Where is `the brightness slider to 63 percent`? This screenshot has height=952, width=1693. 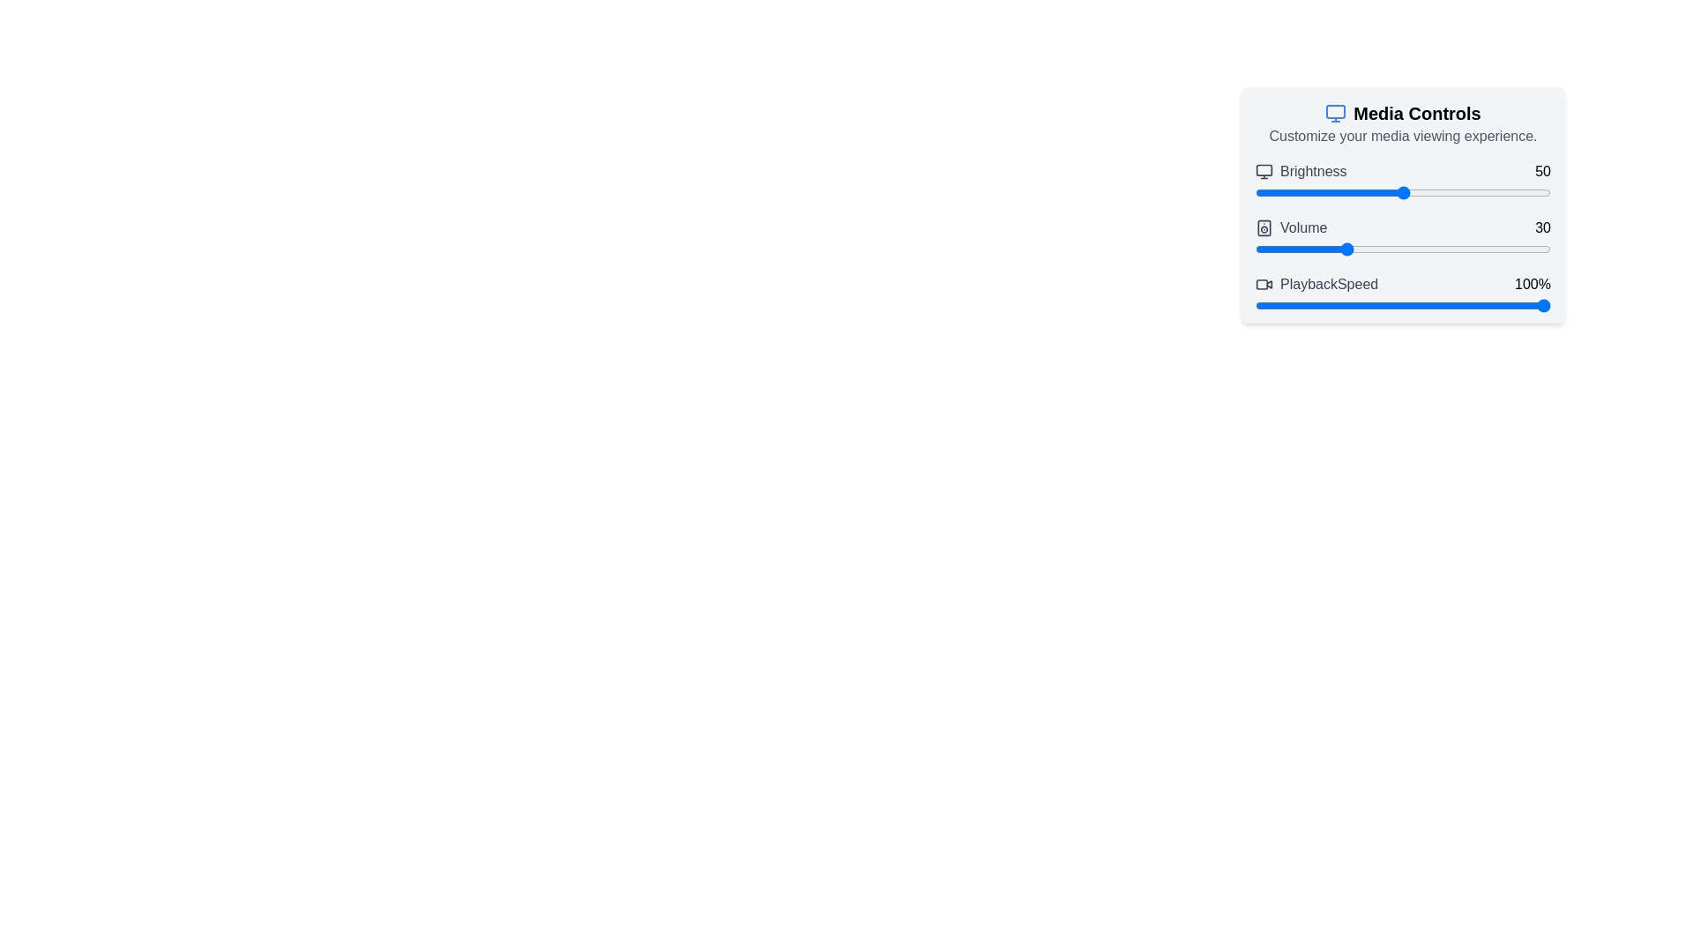 the brightness slider to 63 percent is located at coordinates (1442, 193).